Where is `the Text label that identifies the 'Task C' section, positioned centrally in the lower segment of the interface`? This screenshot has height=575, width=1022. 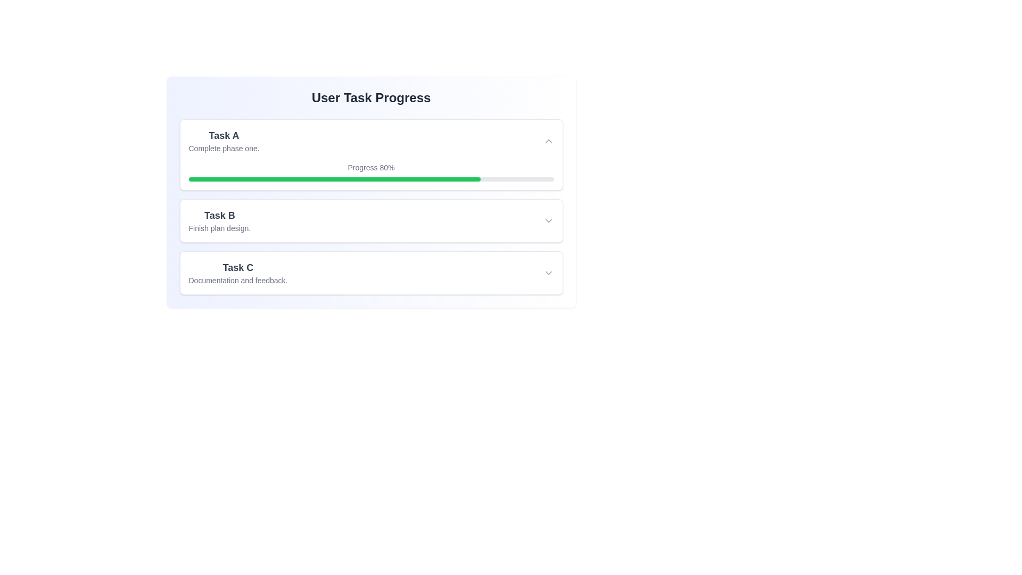 the Text label that identifies the 'Task C' section, positioned centrally in the lower segment of the interface is located at coordinates (237, 267).